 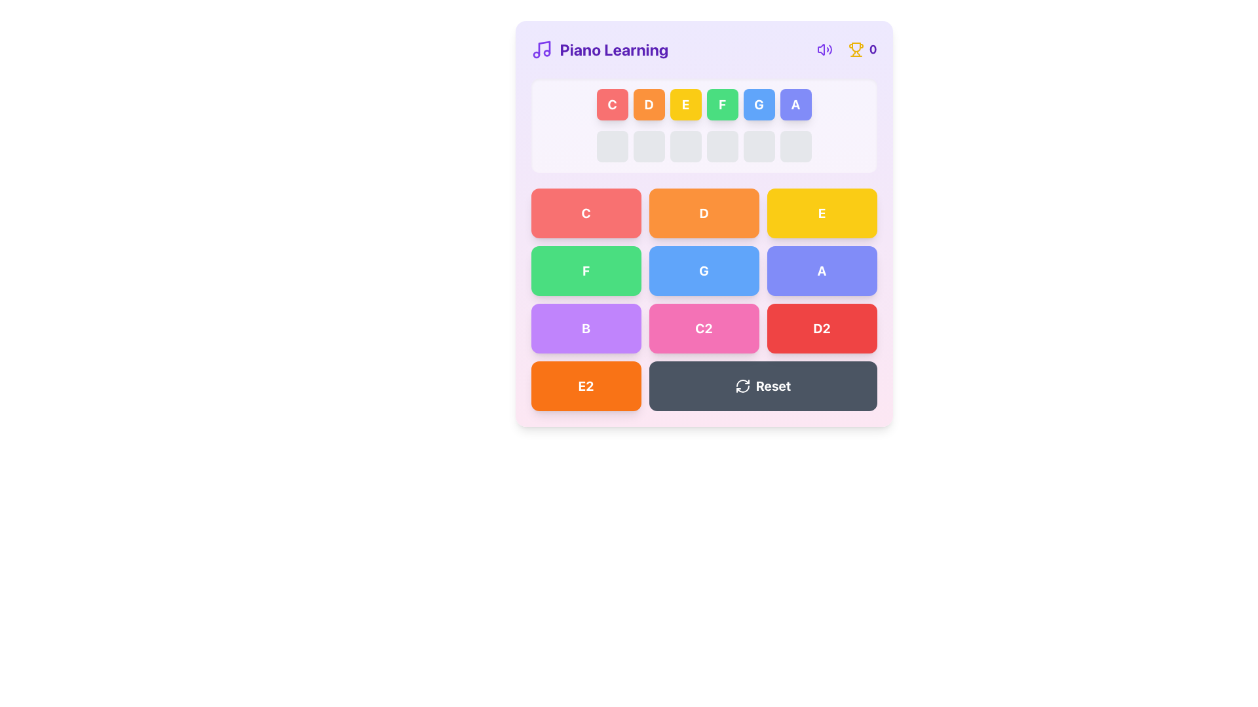 I want to click on the 'E' text label inside the yellow button, which is the fifth button from the left in the horizontal sequence, to associate it with the corresponding piano key, so click(x=685, y=103).